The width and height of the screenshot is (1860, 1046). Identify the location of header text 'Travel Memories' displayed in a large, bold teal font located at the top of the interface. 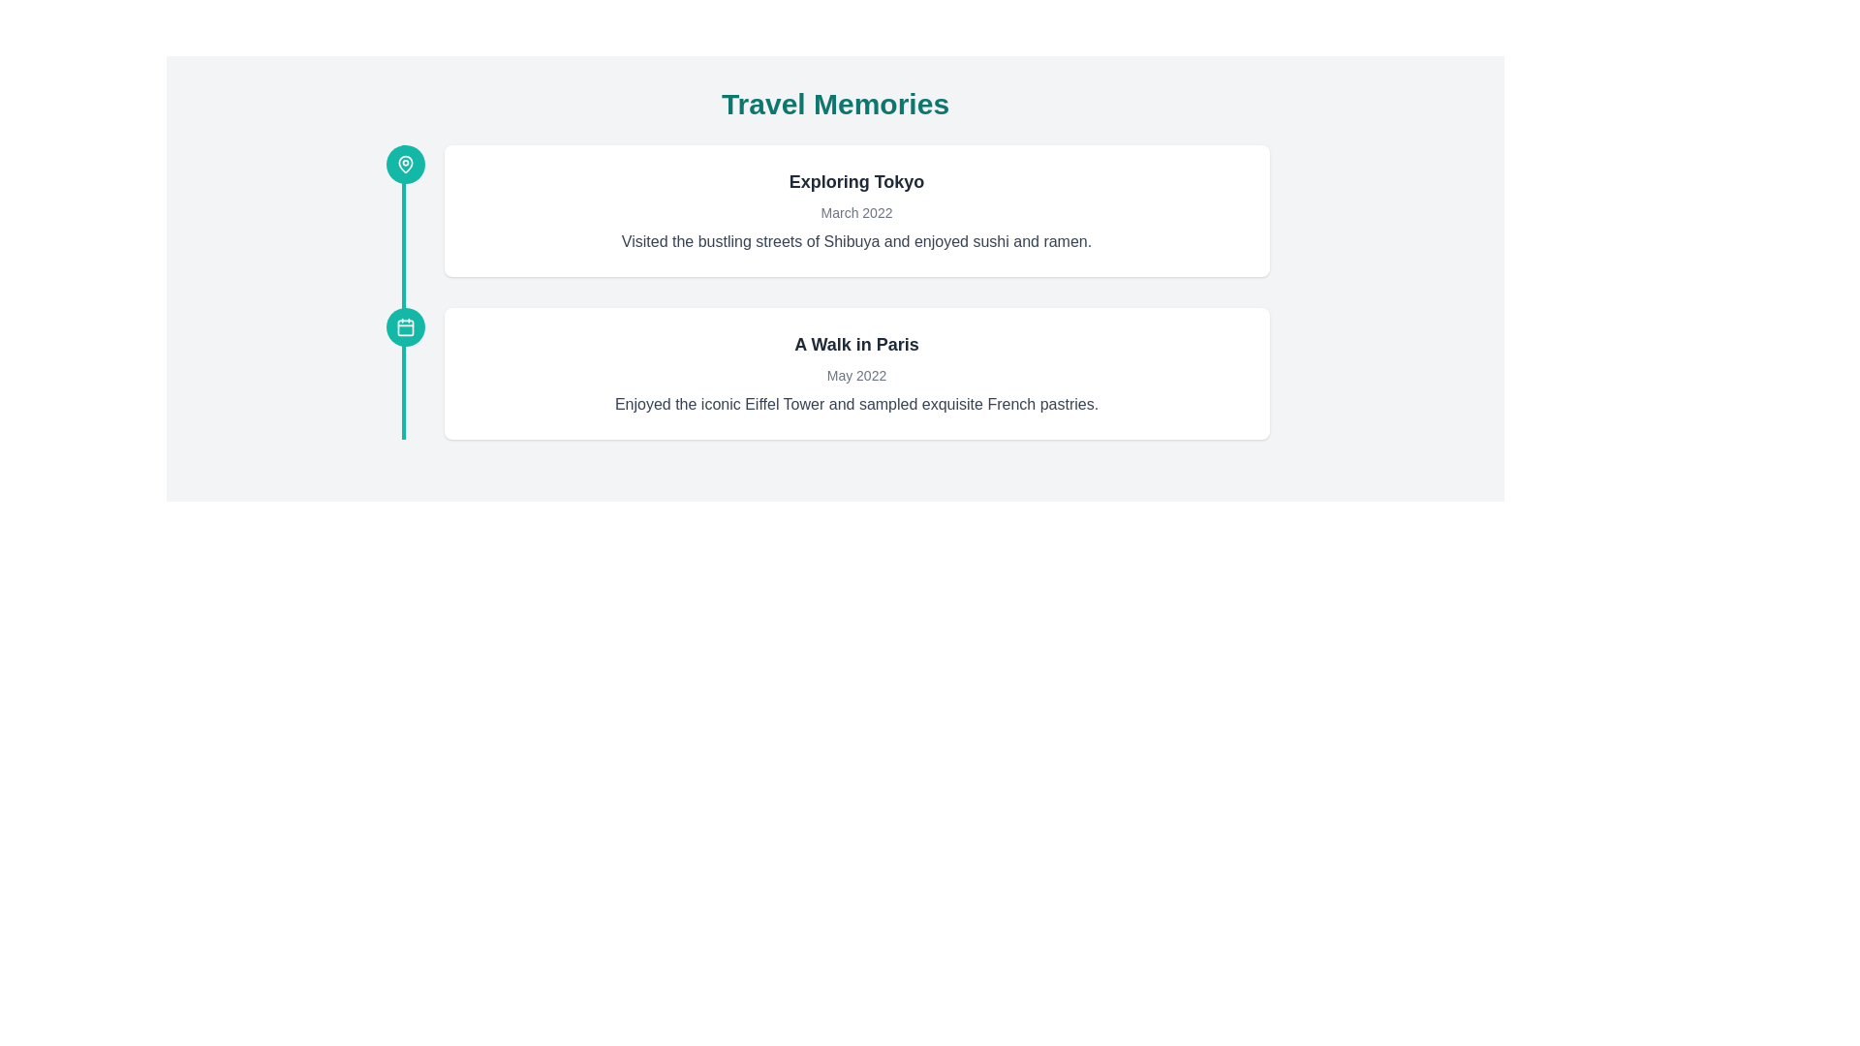
(835, 105).